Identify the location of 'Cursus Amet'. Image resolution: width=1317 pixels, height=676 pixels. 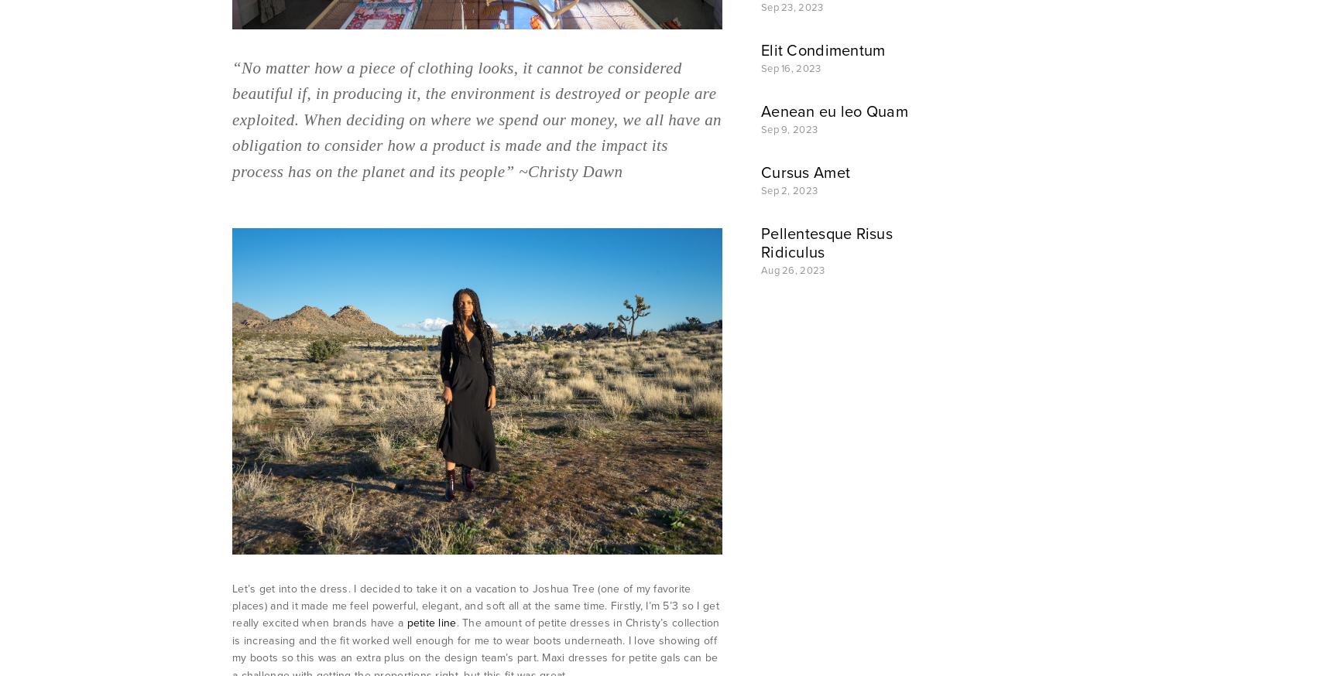
(805, 172).